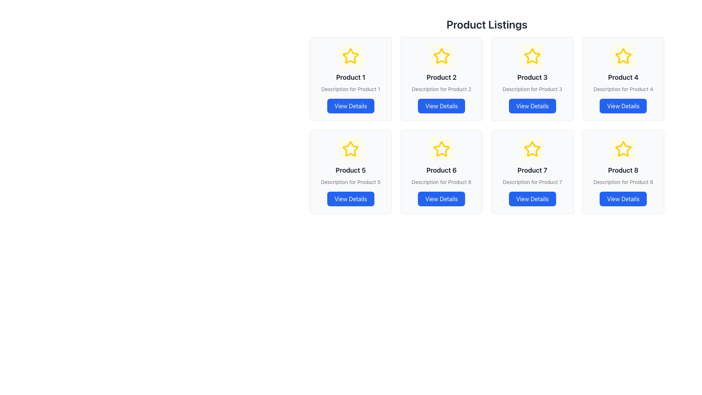 This screenshot has width=702, height=395. I want to click on the 'View Details' button, so click(441, 106).